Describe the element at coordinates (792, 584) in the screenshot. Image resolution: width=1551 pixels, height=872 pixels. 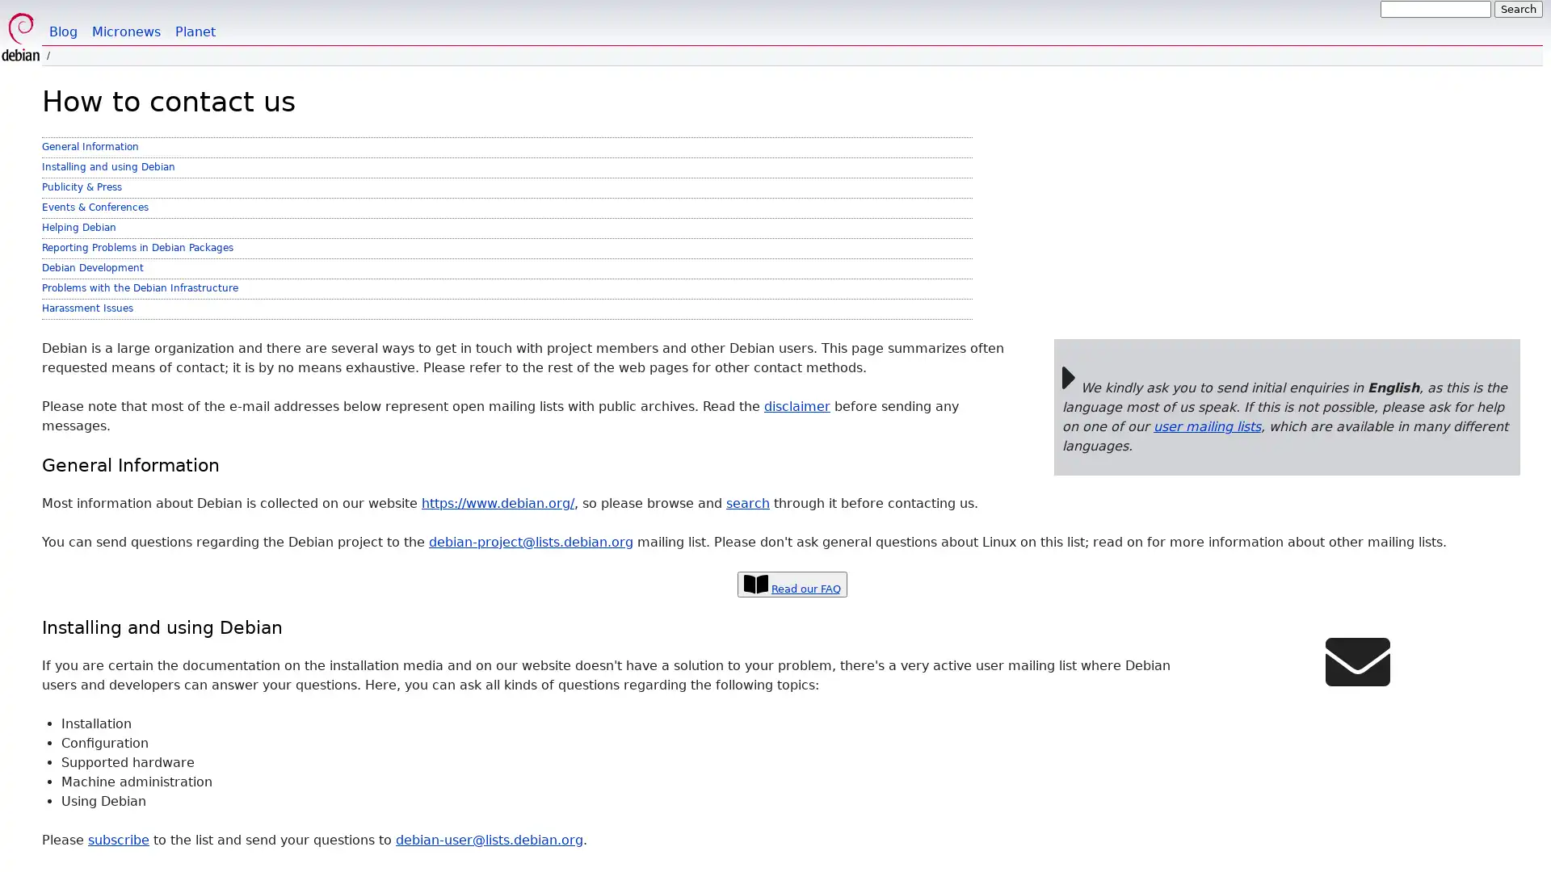
I see `Read our FAQ` at that location.